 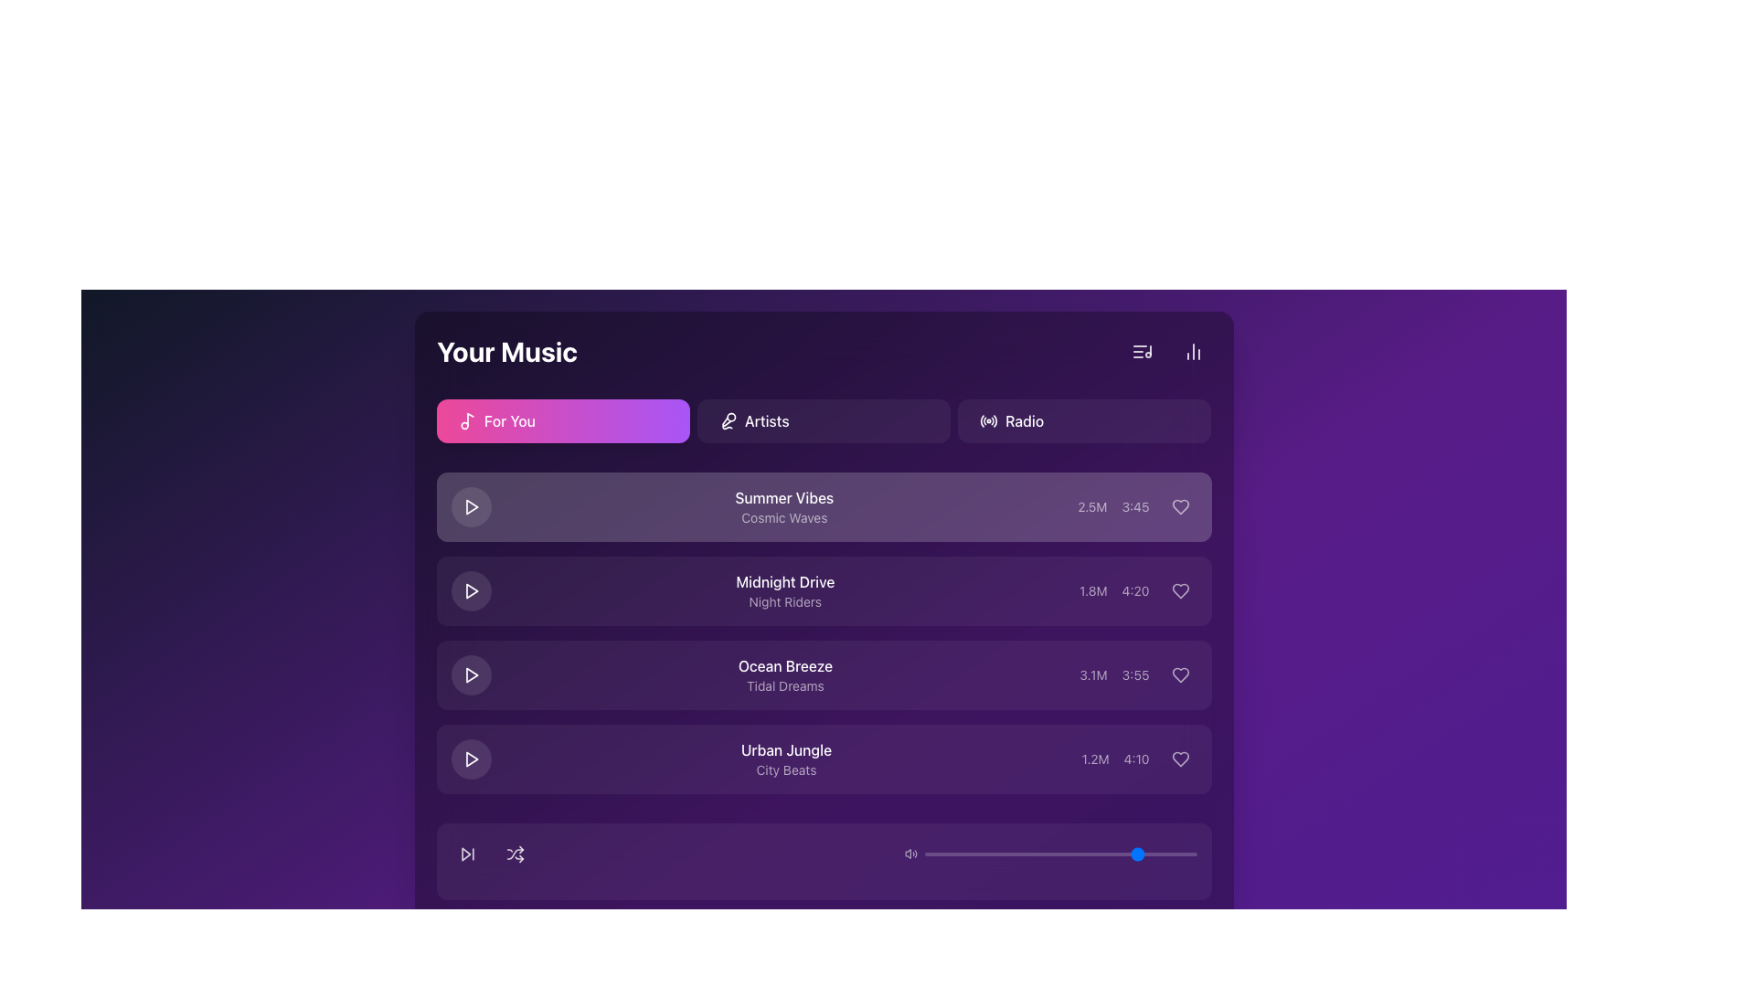 What do you see at coordinates (1180, 591) in the screenshot?
I see `the heart-shaped icon in the third row of the music list for the 'Midnight Drive' track` at bounding box center [1180, 591].